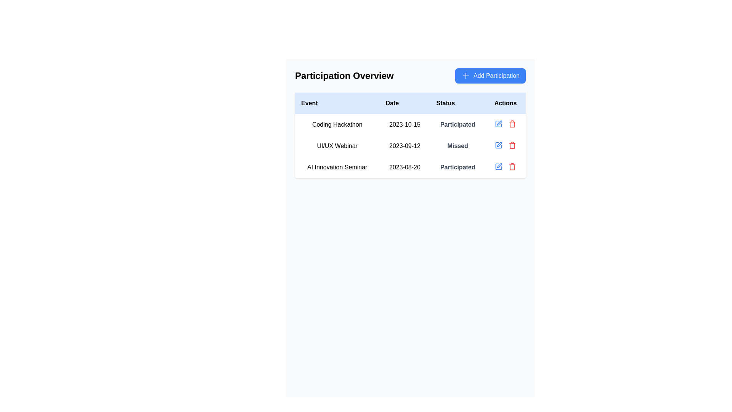 The image size is (732, 412). I want to click on the second row of the 'Participation Overview' table, so click(410, 146).